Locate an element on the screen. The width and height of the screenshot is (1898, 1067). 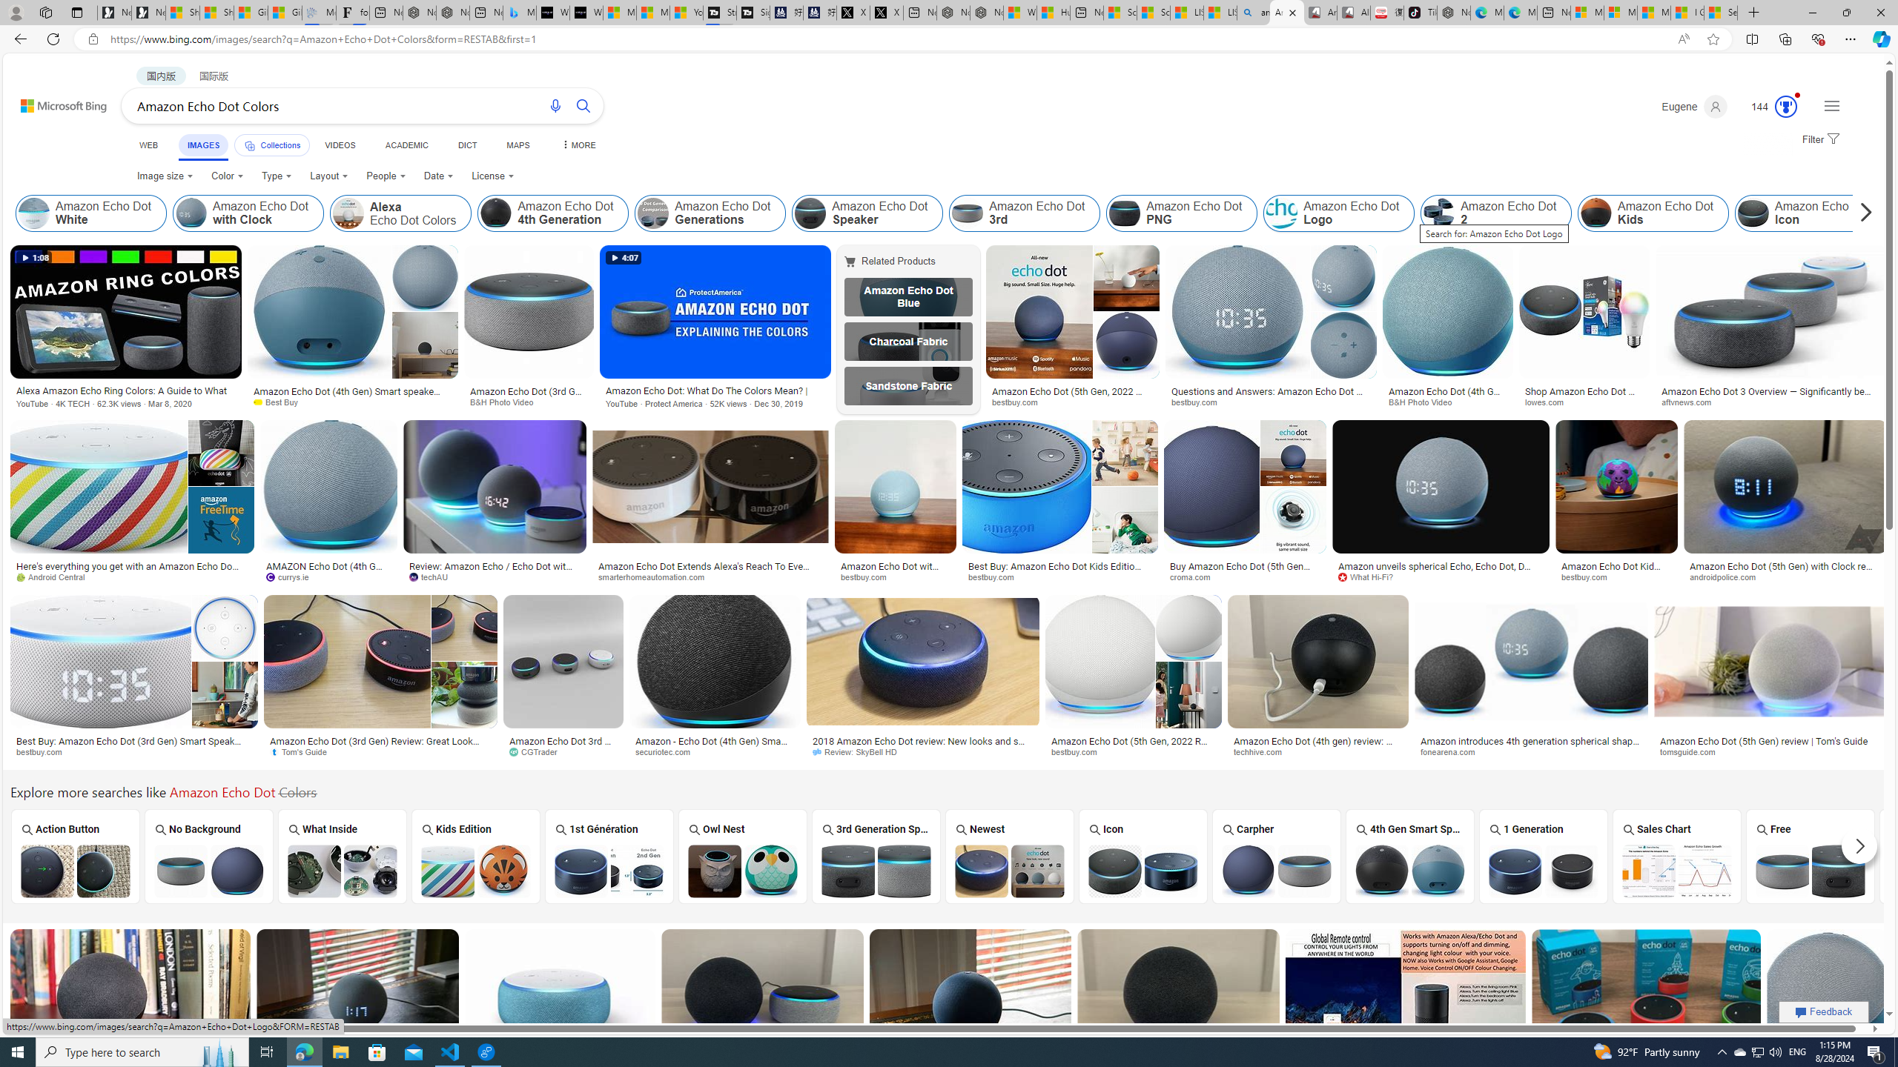
'androidpolice.com' is located at coordinates (1784, 576).